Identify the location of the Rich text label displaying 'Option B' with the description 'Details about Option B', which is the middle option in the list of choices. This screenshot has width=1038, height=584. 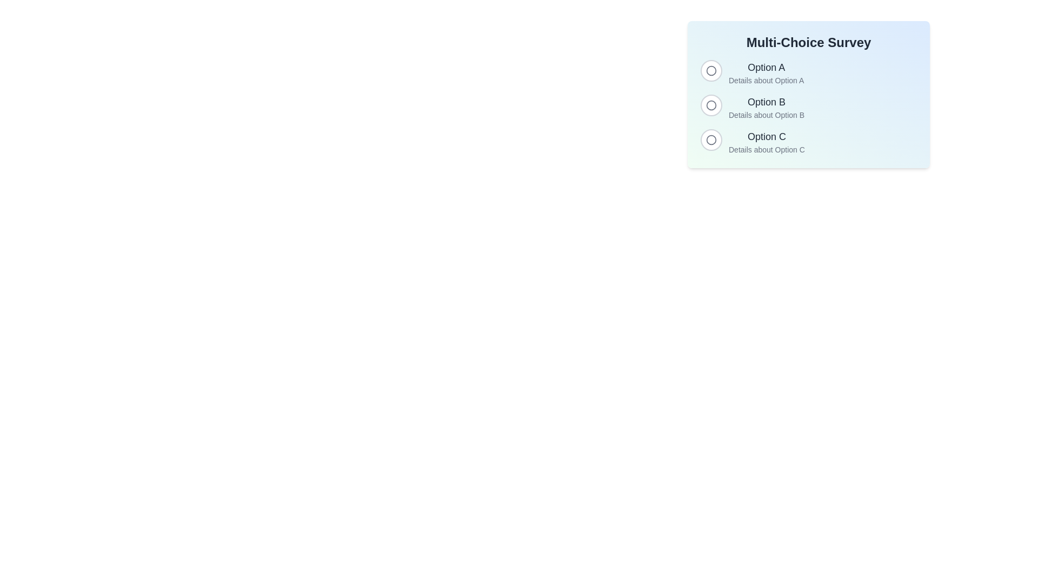
(766, 108).